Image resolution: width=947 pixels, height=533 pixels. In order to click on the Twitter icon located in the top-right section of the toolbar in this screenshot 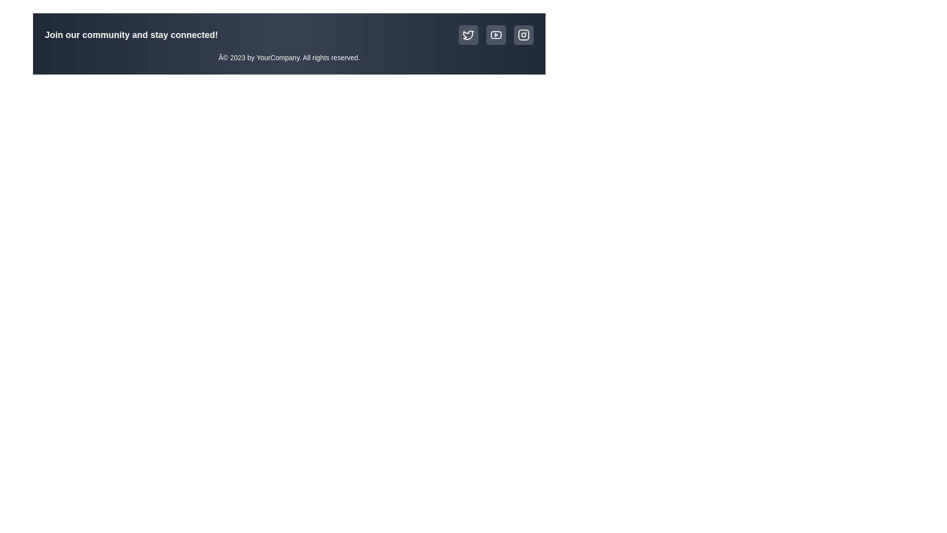, I will do `click(468, 34)`.